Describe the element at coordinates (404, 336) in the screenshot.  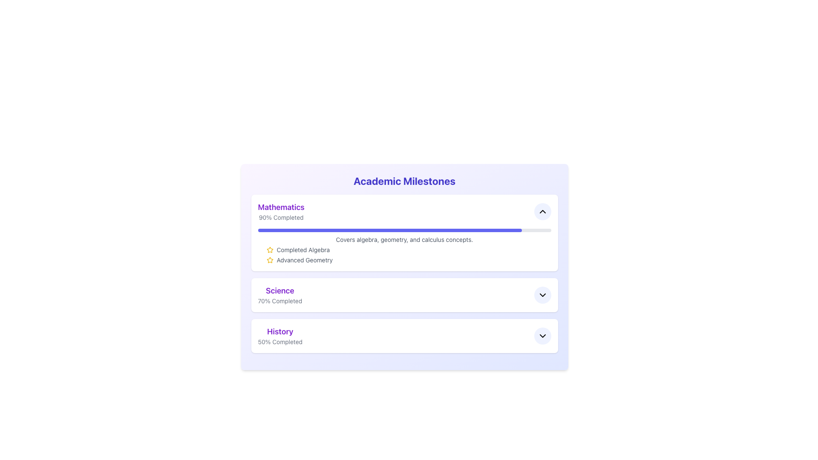
I see `the arrow on the third Summary item in the 'History' category under 'Academic Milestones'` at that location.